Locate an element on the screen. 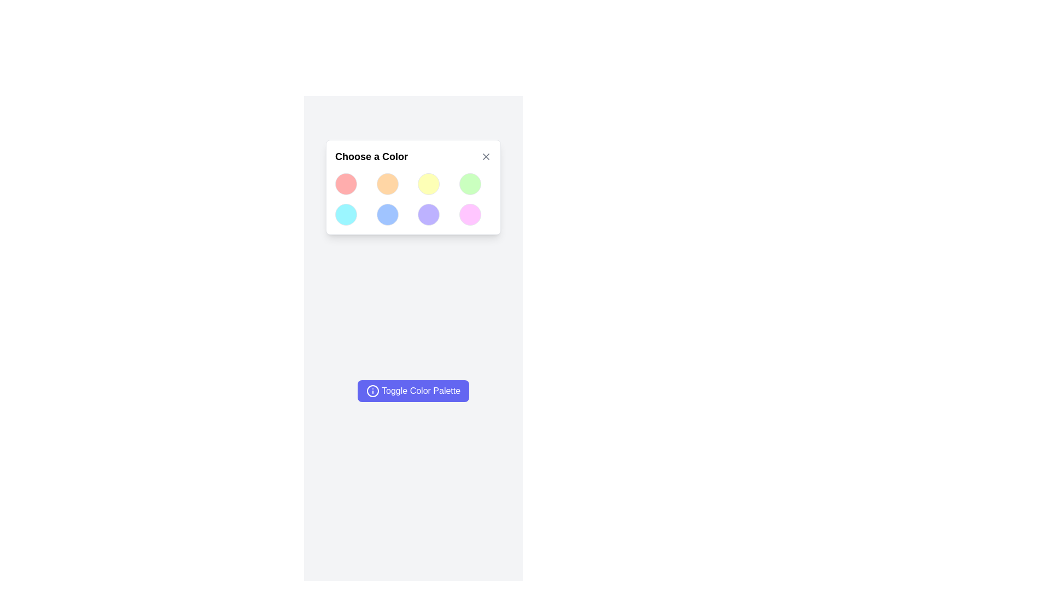  the interactive circular button with a light green background located in the top-right corner of a grid layout is located at coordinates (470, 183).